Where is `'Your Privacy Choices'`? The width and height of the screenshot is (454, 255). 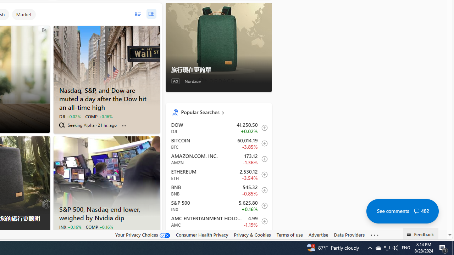 'Your Privacy Choices' is located at coordinates (142, 235).